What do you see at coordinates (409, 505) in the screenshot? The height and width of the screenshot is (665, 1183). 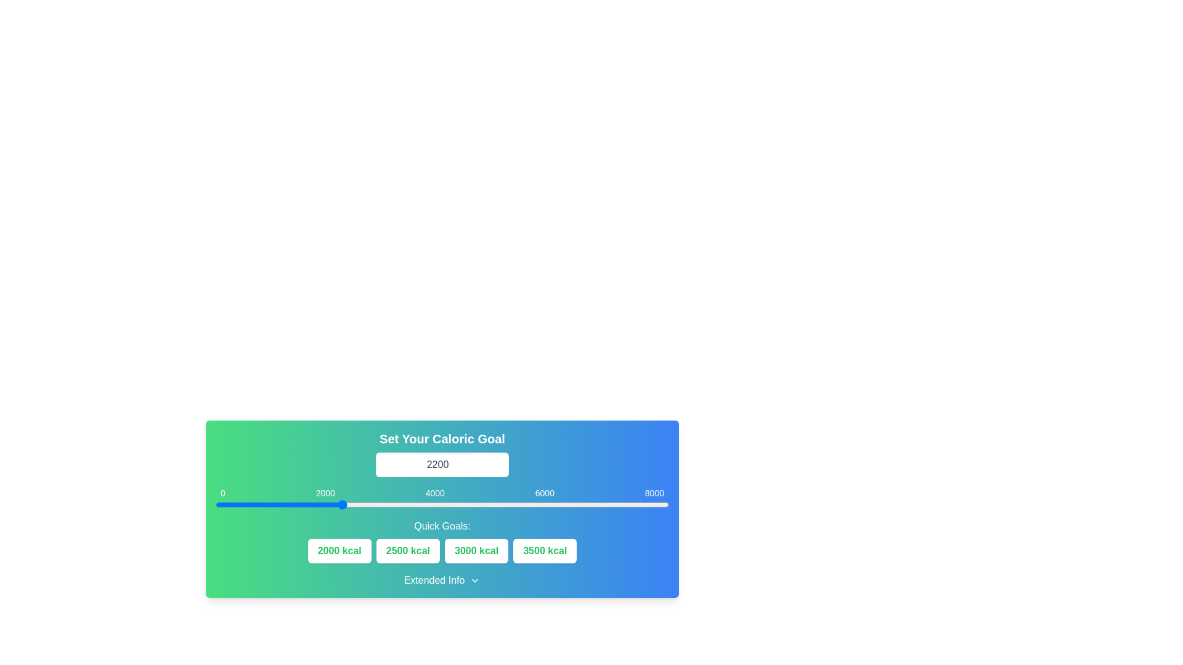 I see `the caloric goal` at bounding box center [409, 505].